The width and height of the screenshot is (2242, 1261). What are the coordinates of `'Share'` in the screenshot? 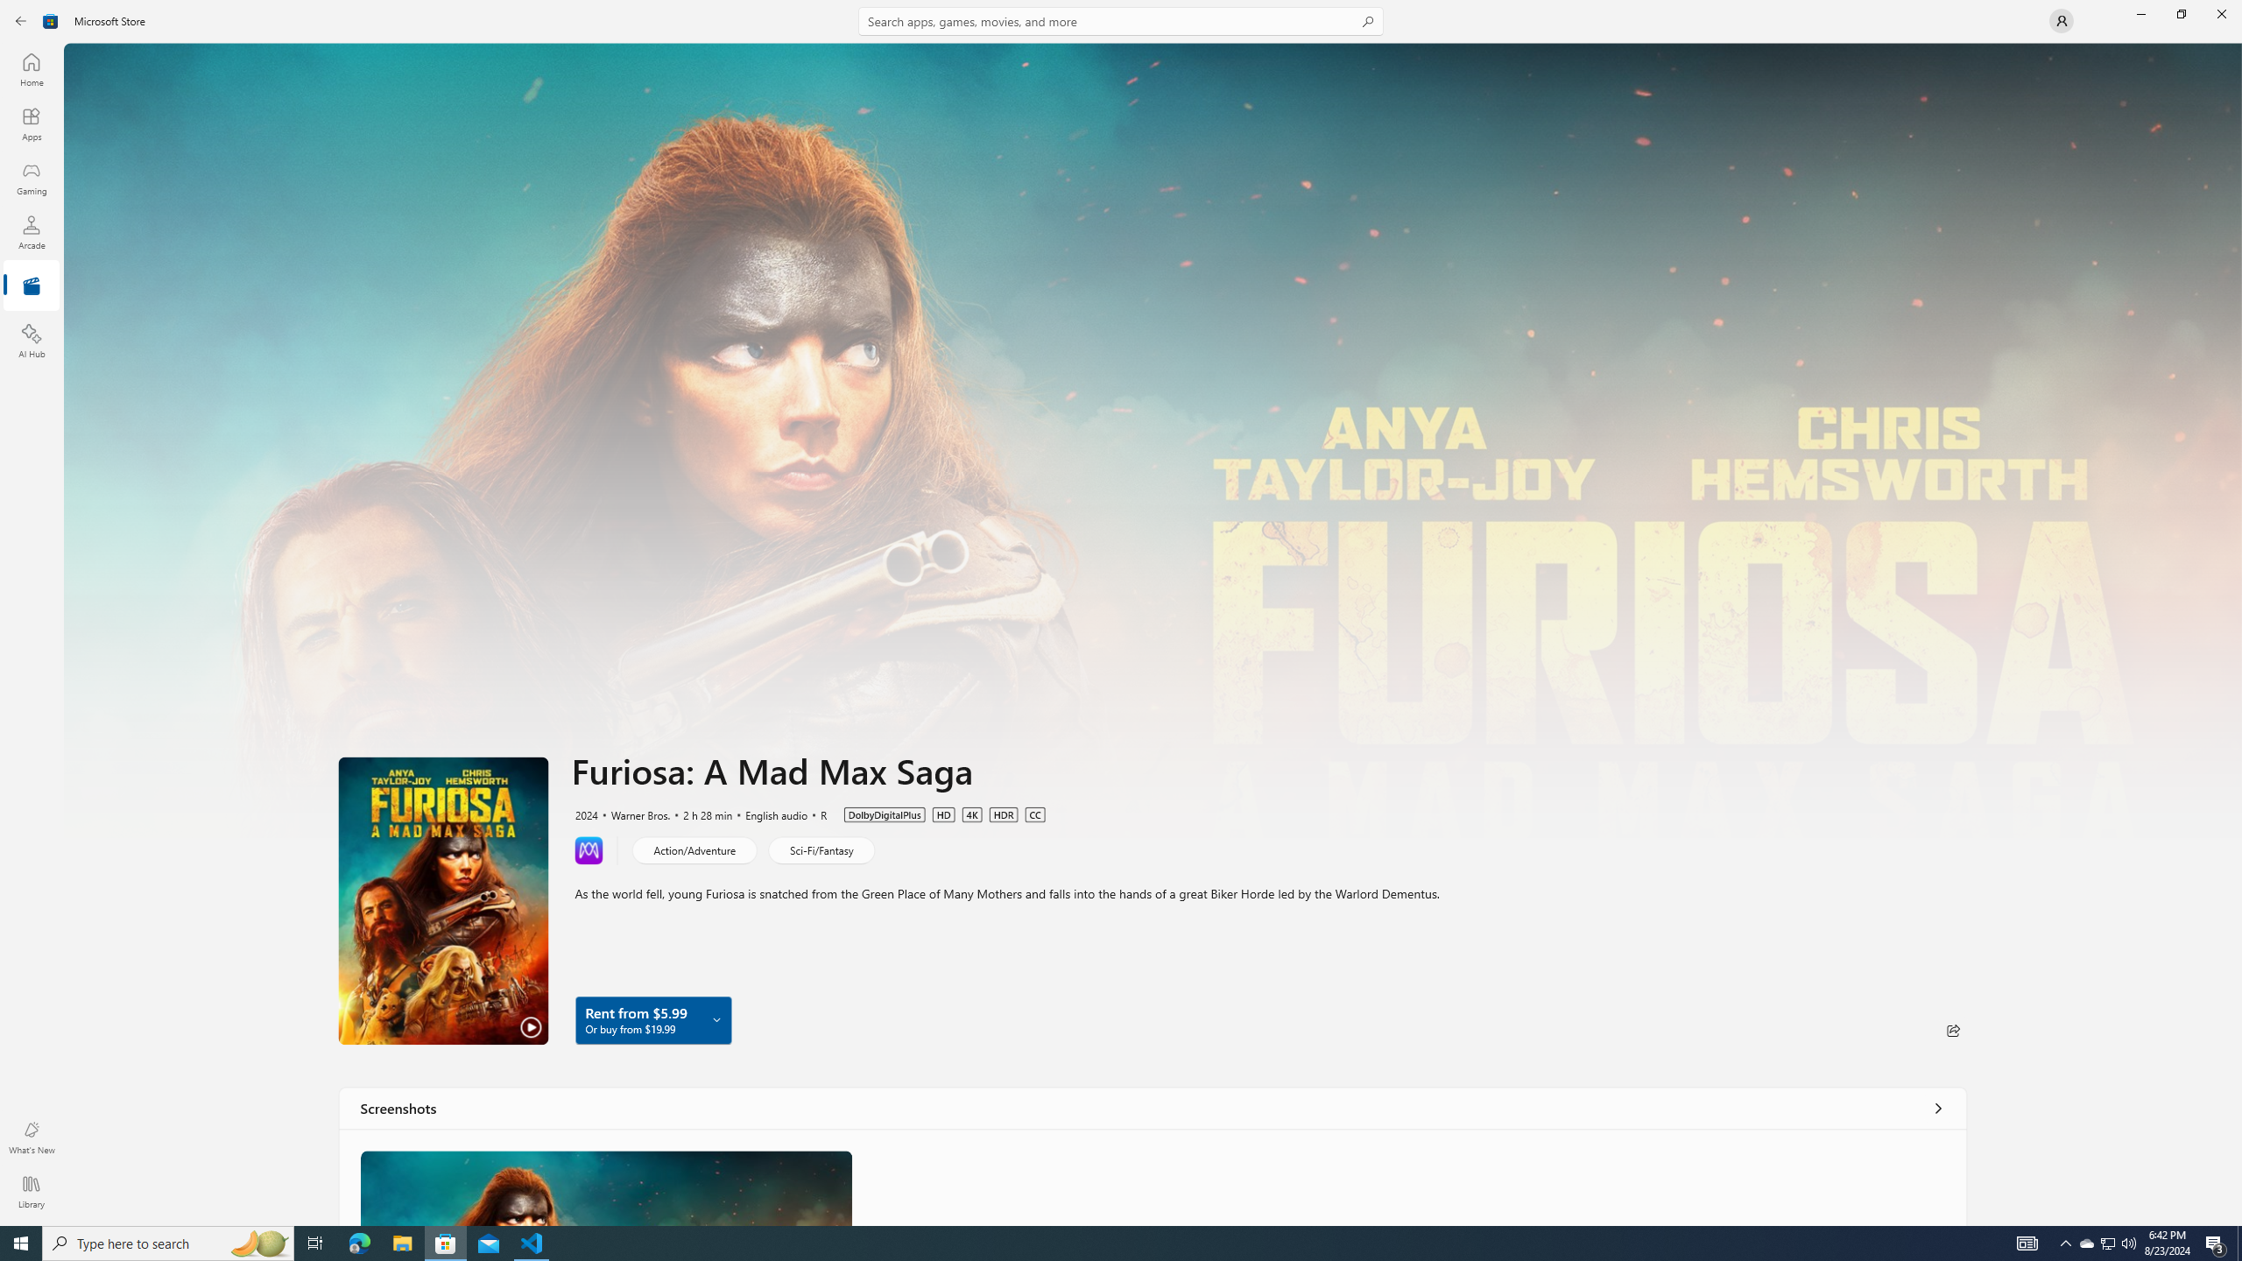 It's located at (1952, 1029).